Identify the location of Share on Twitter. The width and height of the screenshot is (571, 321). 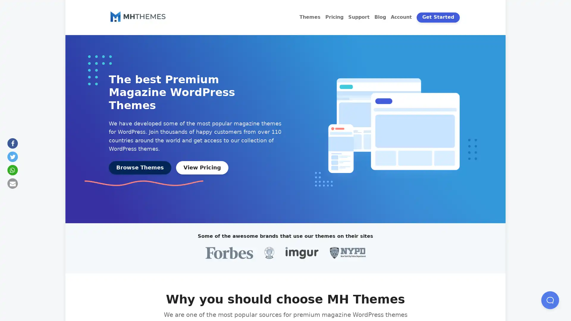
(12, 156).